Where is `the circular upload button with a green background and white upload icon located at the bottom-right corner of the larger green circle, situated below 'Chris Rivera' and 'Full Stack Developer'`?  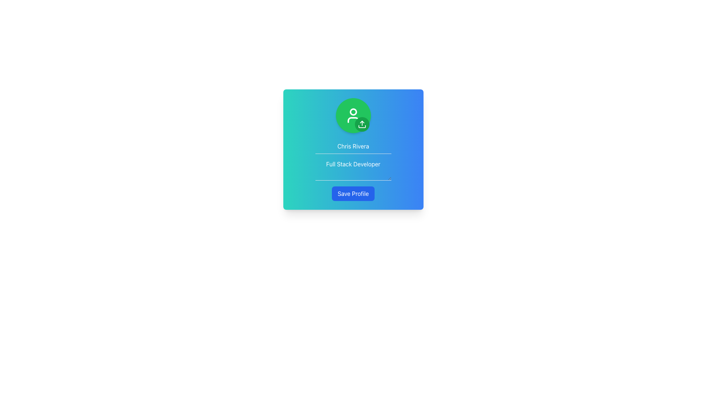 the circular upload button with a green background and white upload icon located at the bottom-right corner of the larger green circle, situated below 'Chris Rivera' and 'Full Stack Developer' is located at coordinates (362, 124).